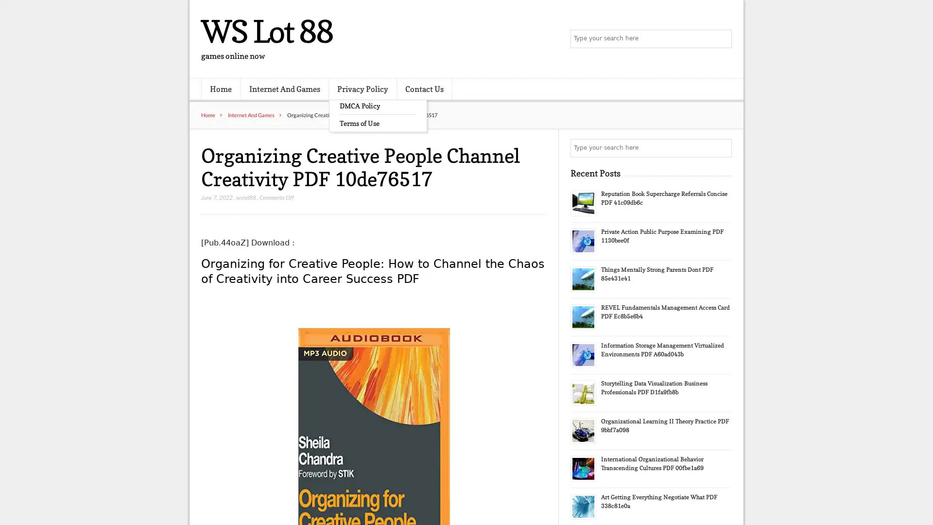  What do you see at coordinates (722, 148) in the screenshot?
I see `Search` at bounding box center [722, 148].